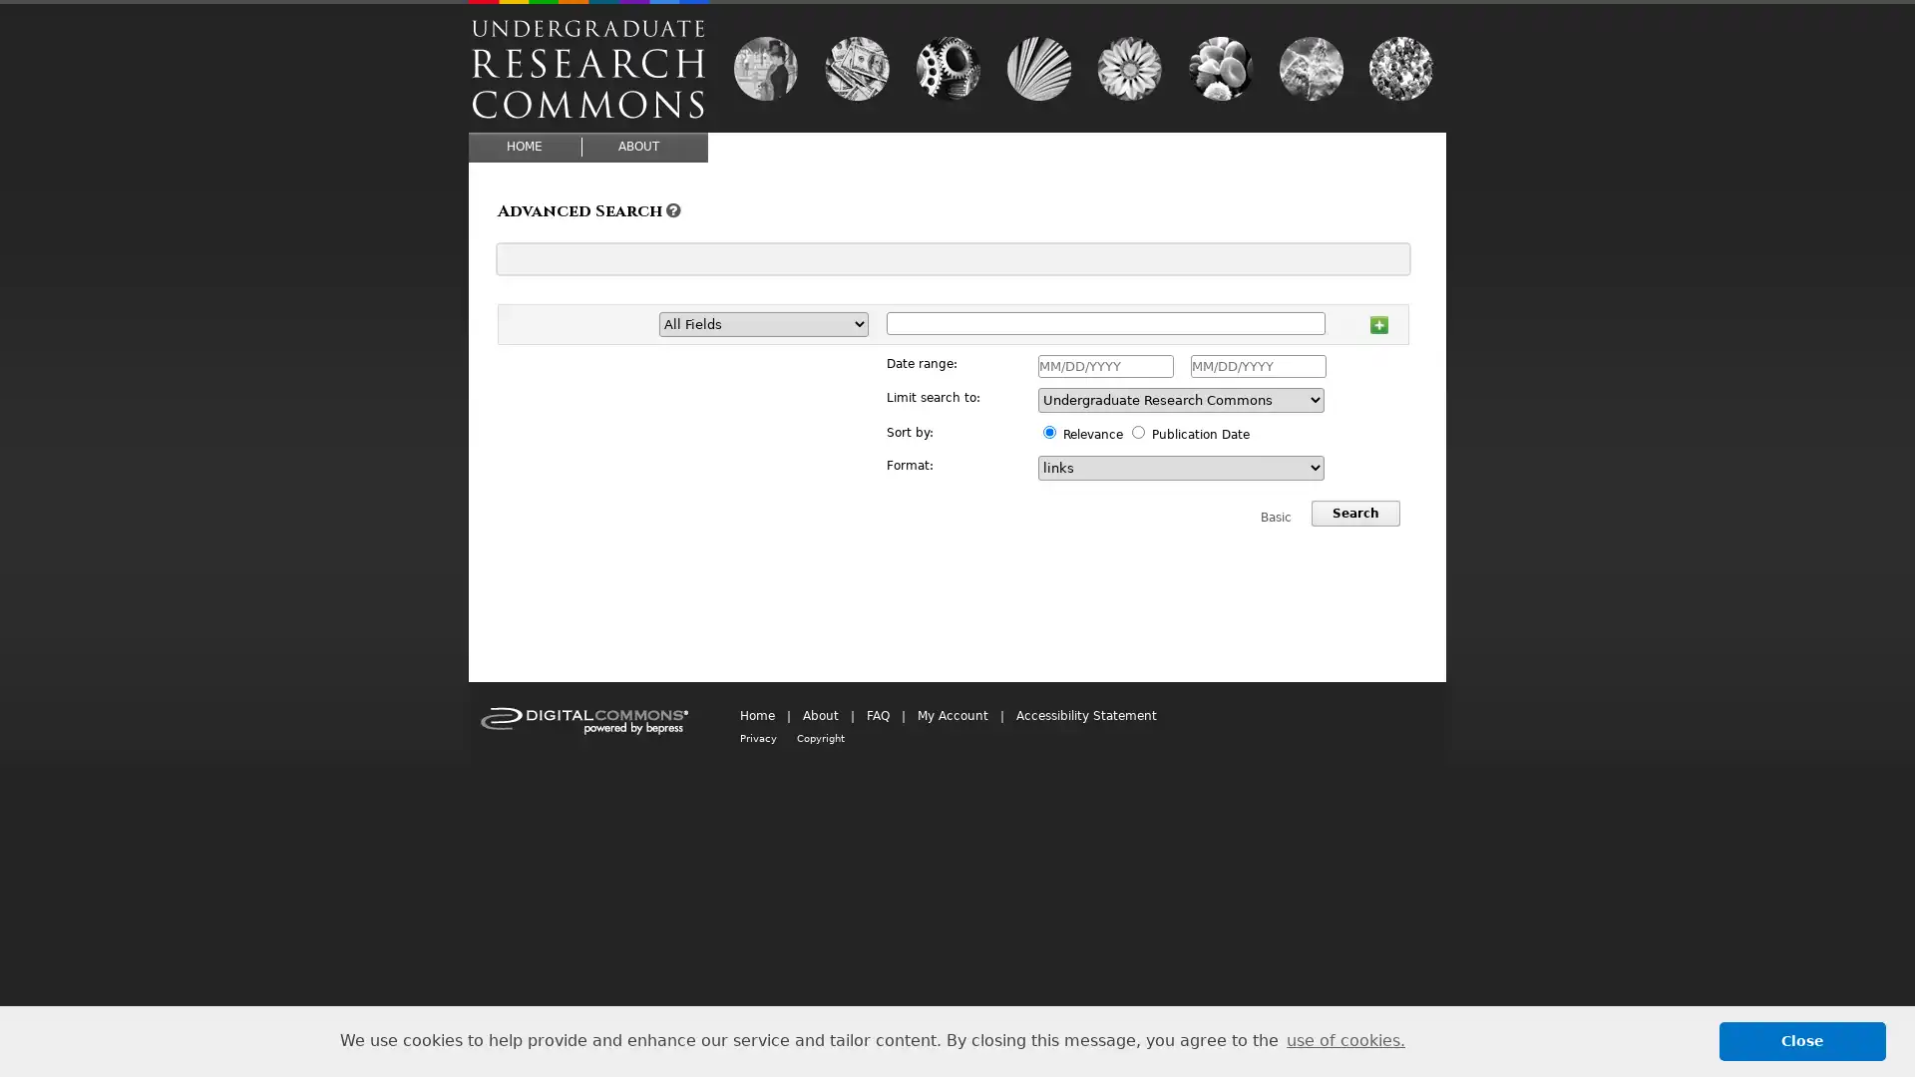  Describe the element at coordinates (1344, 1040) in the screenshot. I see `learn more about cookies` at that location.